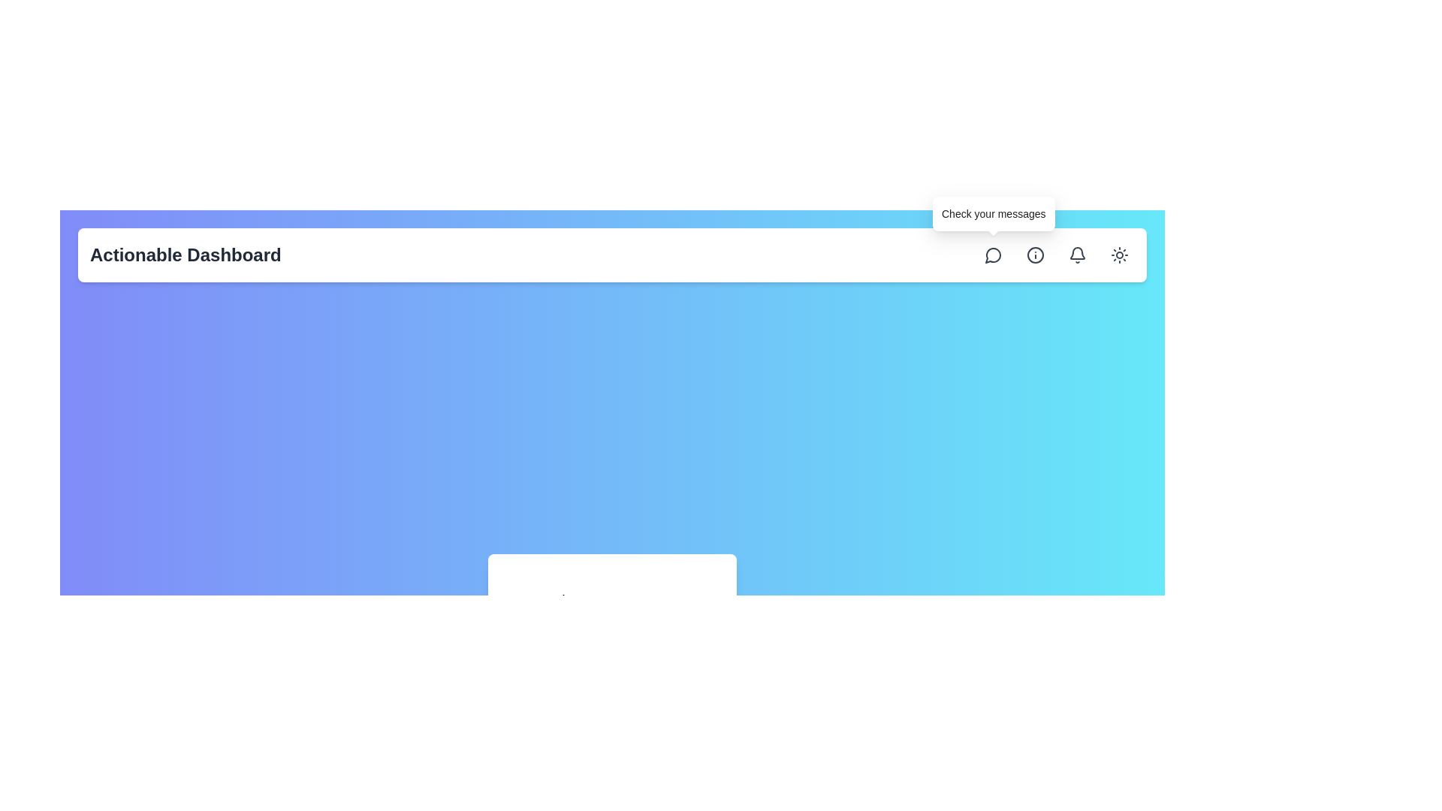 The image size is (1442, 811). I want to click on the hollow circular icon located in the top-right section of the interface within the navigation bar, so click(1034, 254).